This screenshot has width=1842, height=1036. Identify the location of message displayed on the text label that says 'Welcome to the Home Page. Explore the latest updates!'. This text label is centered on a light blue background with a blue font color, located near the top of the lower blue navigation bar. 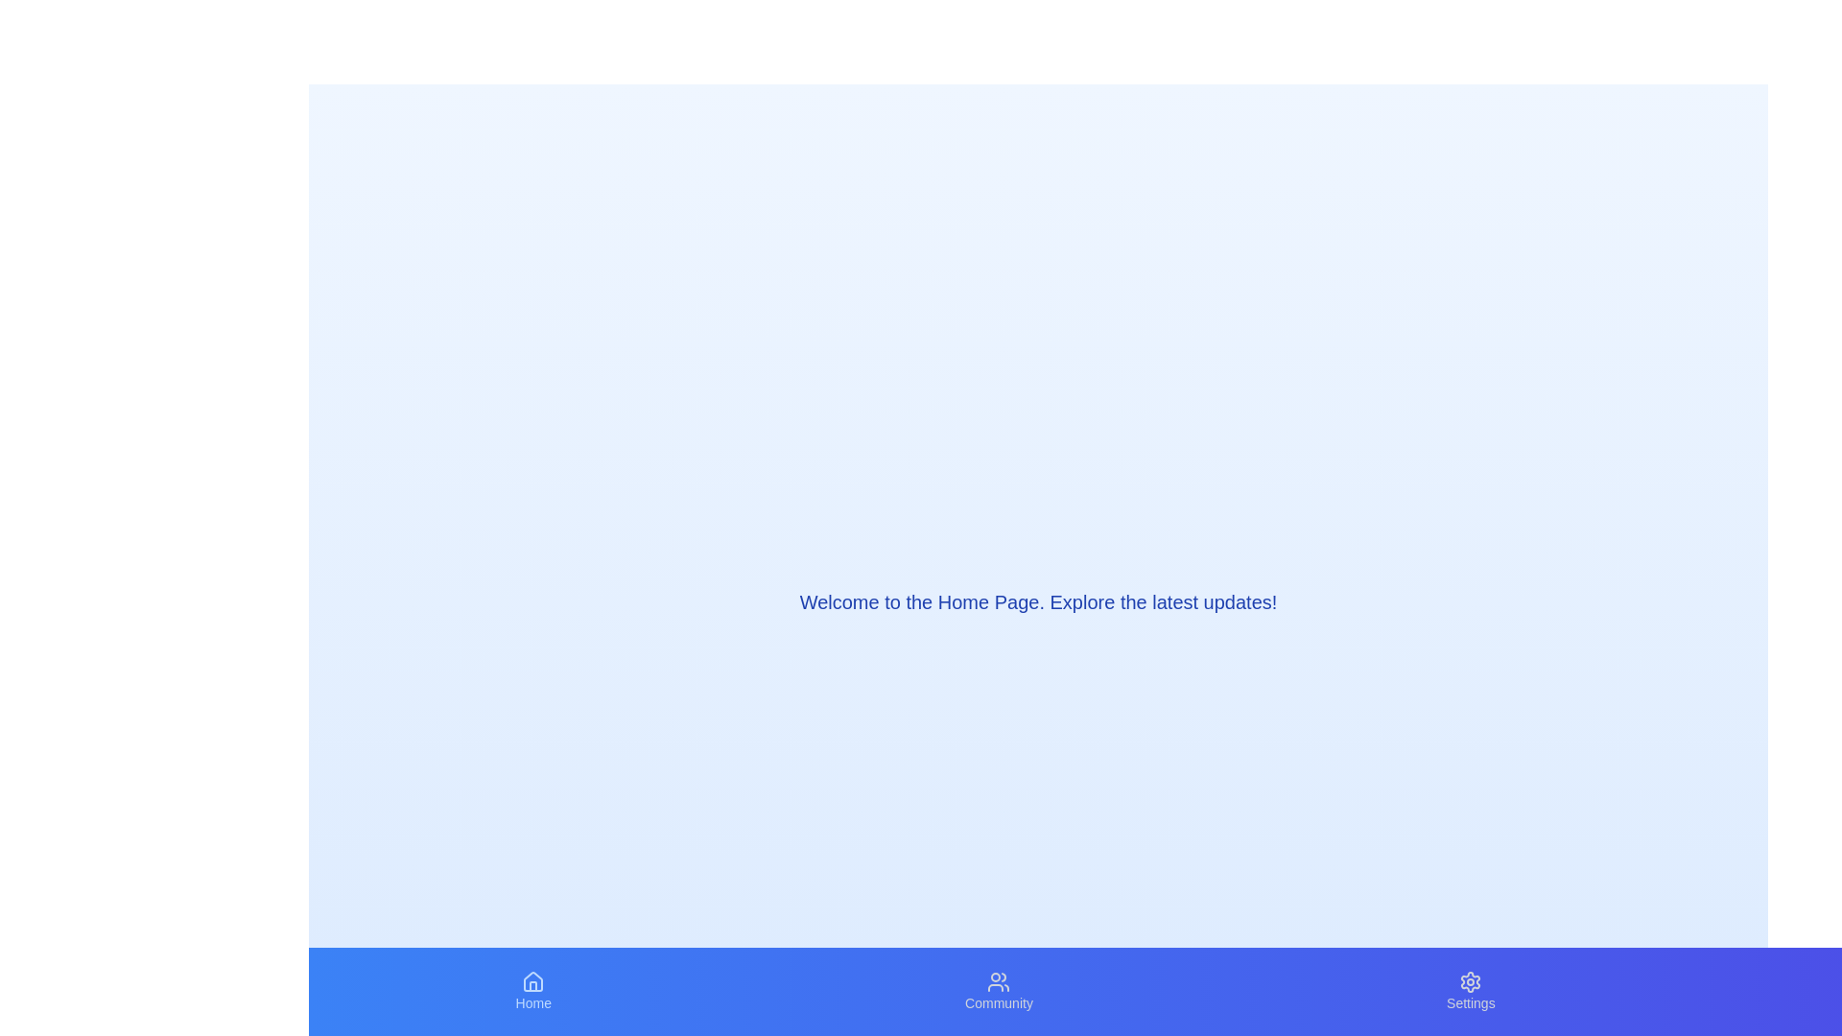
(1037, 601).